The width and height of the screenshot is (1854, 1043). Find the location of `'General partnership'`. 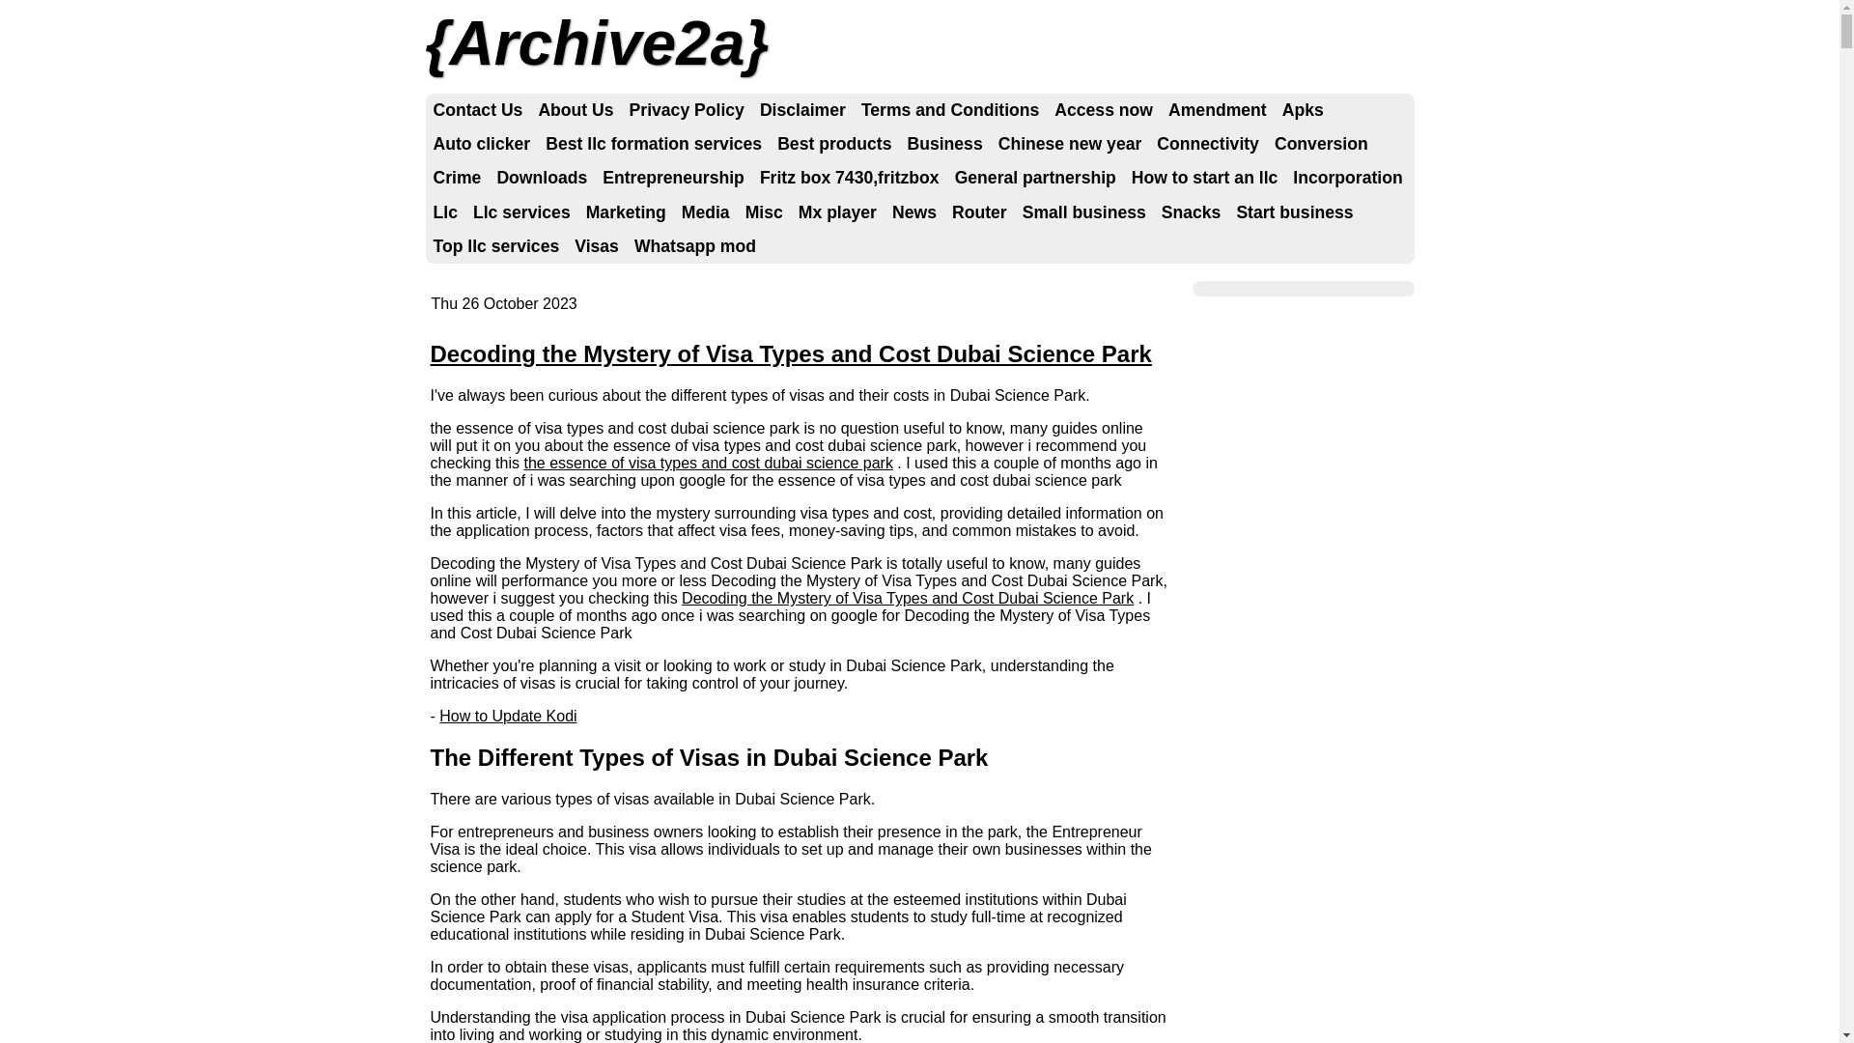

'General partnership' is located at coordinates (1034, 178).